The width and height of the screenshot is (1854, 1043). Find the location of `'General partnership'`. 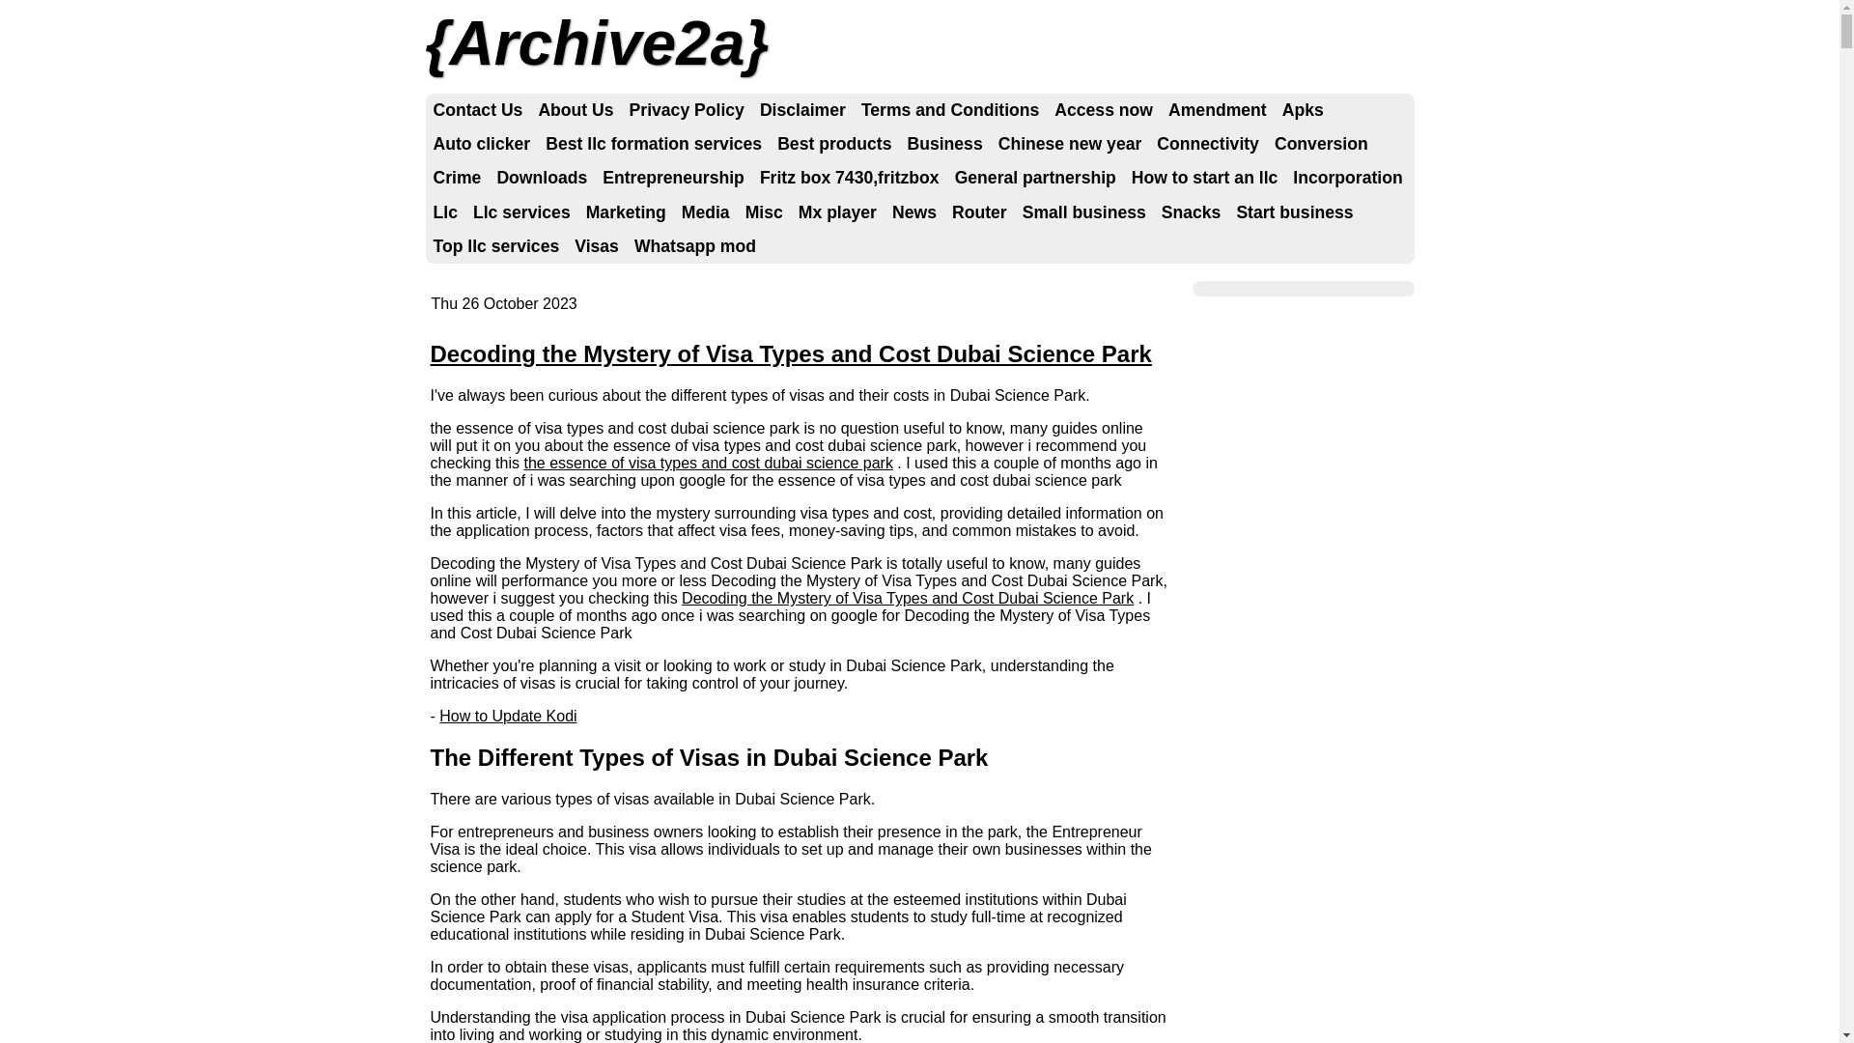

'General partnership' is located at coordinates (1034, 178).